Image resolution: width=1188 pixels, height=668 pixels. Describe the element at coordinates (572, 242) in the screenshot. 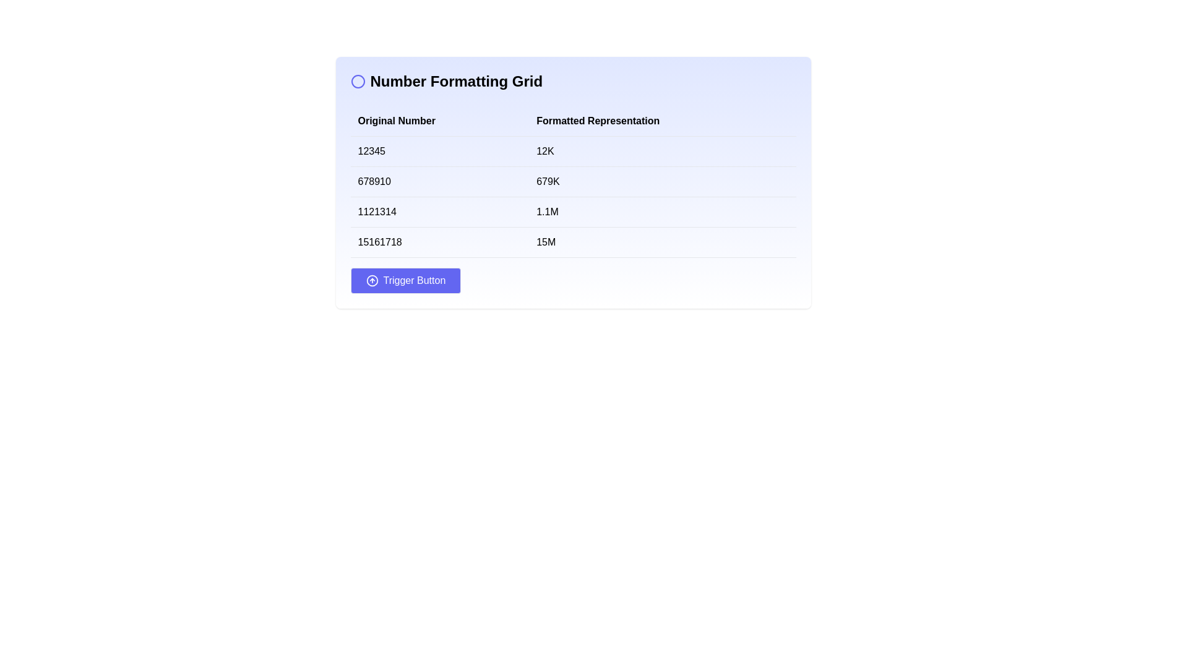

I see `the fourth row of the table displaying '15161718' and '15M' to interact with it` at that location.